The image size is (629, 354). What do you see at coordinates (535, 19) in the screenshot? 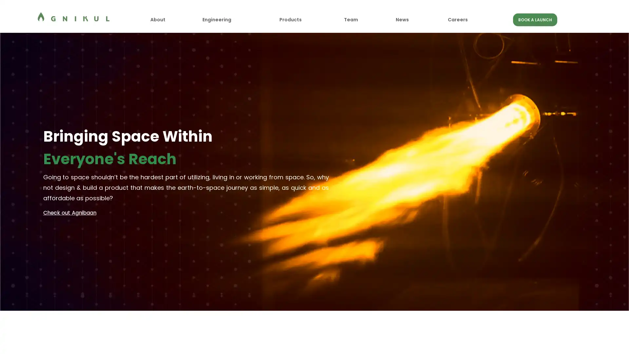
I see `BOOK A LAUNCH` at bounding box center [535, 19].